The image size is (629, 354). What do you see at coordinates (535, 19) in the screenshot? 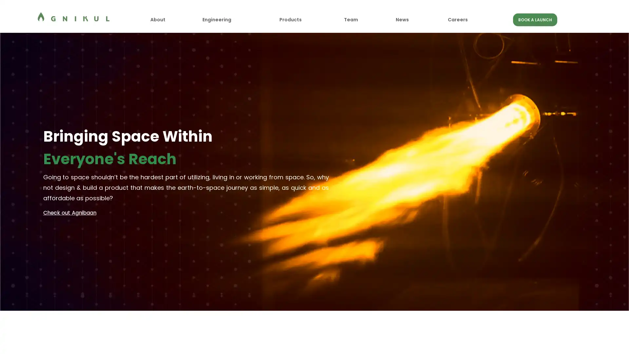
I see `BOOK A LAUNCH` at bounding box center [535, 19].